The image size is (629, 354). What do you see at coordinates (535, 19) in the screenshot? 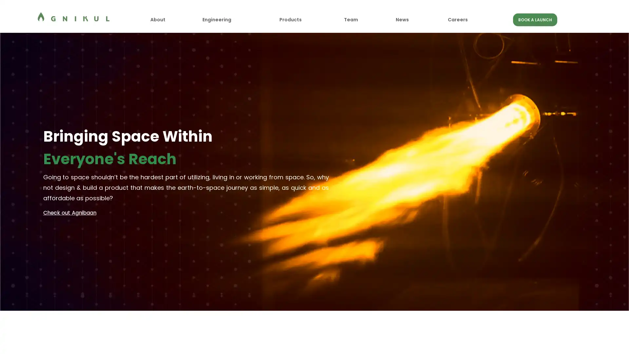
I see `BOOK A LAUNCH` at bounding box center [535, 19].